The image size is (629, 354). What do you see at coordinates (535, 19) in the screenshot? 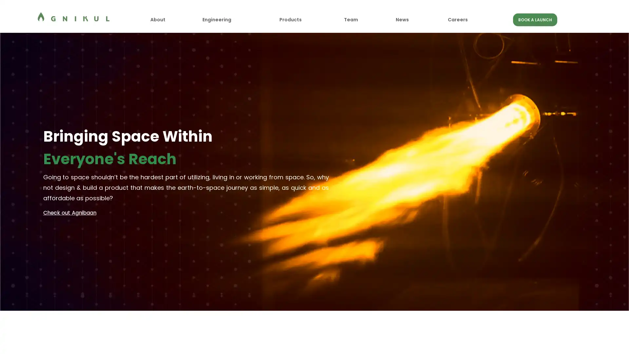
I see `BOOK A LAUNCH` at bounding box center [535, 19].